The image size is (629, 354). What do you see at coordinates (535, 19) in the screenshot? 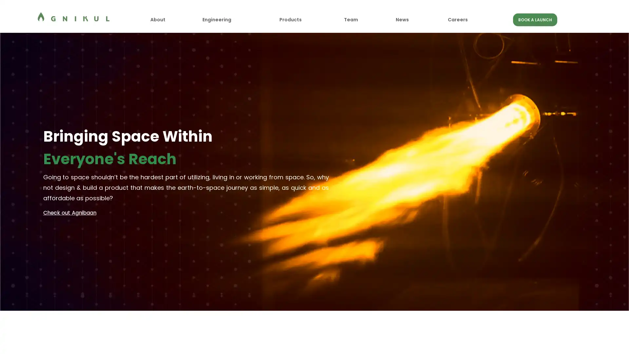
I see `BOOK A LAUNCH` at bounding box center [535, 19].